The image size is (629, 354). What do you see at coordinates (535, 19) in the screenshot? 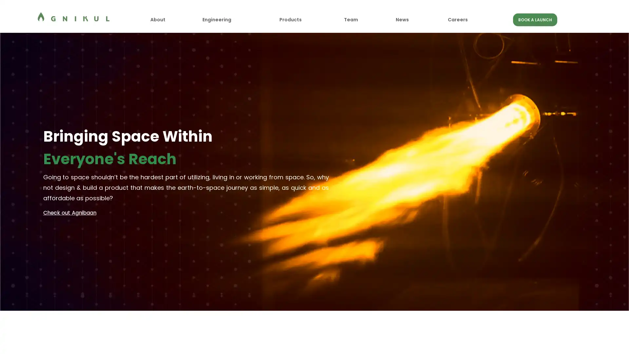
I see `BOOK A LAUNCH` at bounding box center [535, 19].